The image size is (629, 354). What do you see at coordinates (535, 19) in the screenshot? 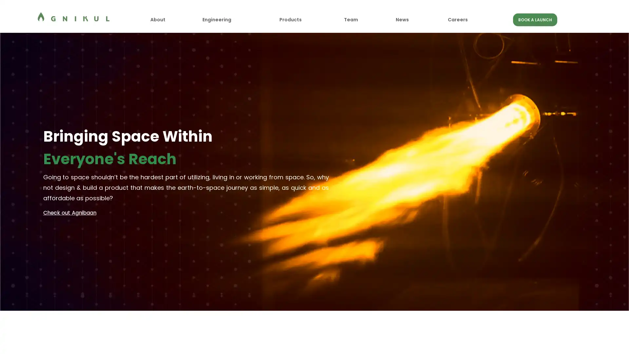
I see `BOOK A LAUNCH` at bounding box center [535, 19].